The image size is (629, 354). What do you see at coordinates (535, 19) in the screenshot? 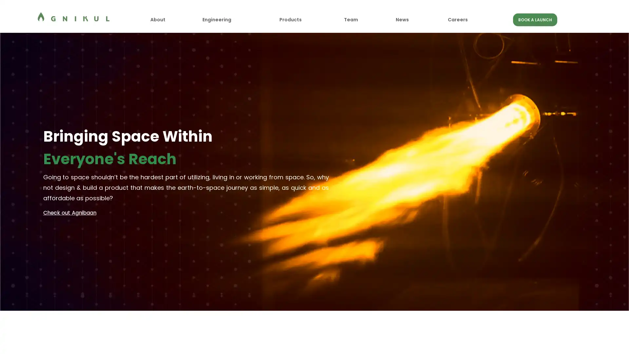
I see `BOOK A LAUNCH` at bounding box center [535, 19].